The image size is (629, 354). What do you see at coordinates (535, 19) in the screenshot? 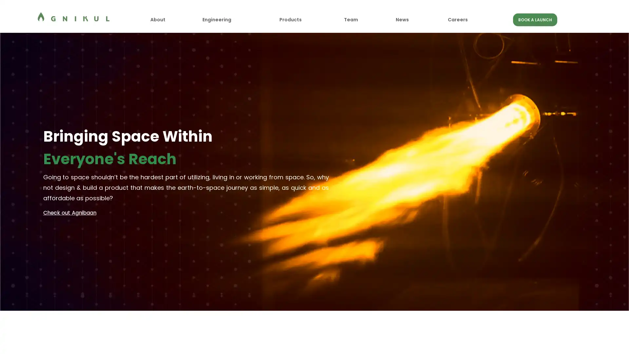
I see `BOOK A LAUNCH` at bounding box center [535, 19].